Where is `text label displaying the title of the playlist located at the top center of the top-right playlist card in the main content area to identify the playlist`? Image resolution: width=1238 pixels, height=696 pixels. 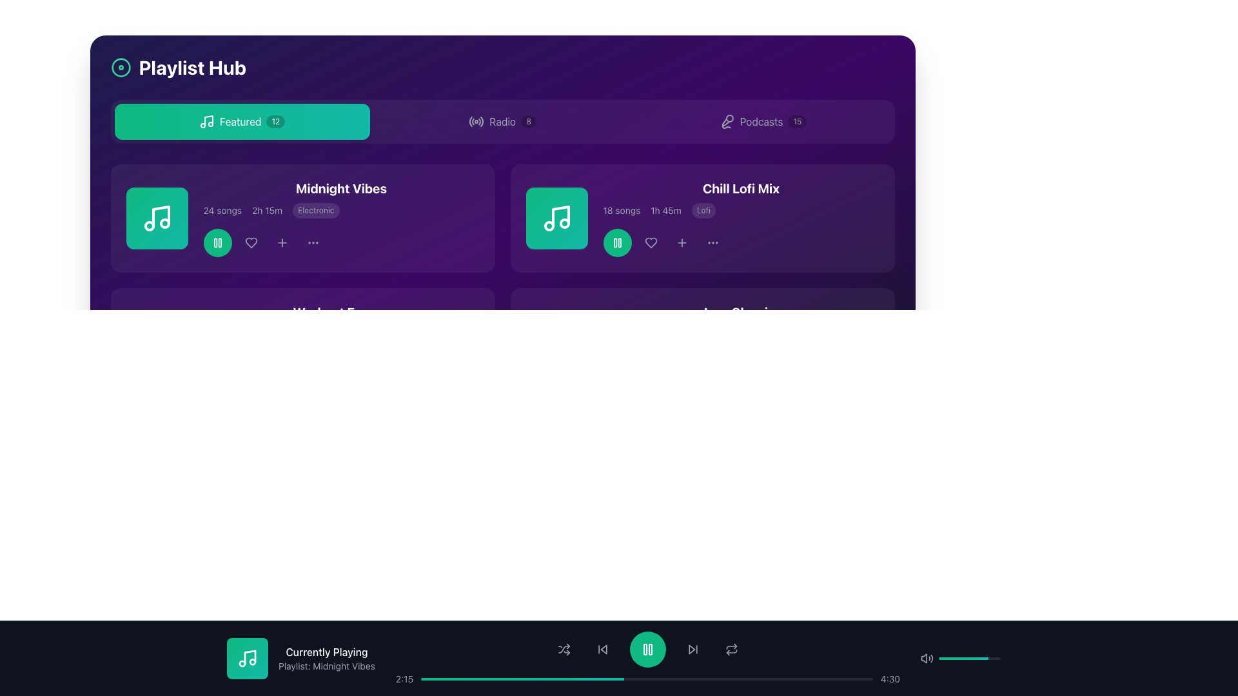
text label displaying the title of the playlist located at the top center of the top-right playlist card in the main content area to identify the playlist is located at coordinates (741, 189).